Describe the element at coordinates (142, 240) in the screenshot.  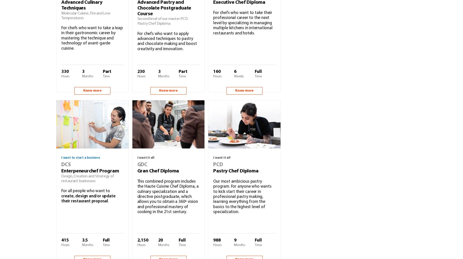
I see `'2,150'` at that location.